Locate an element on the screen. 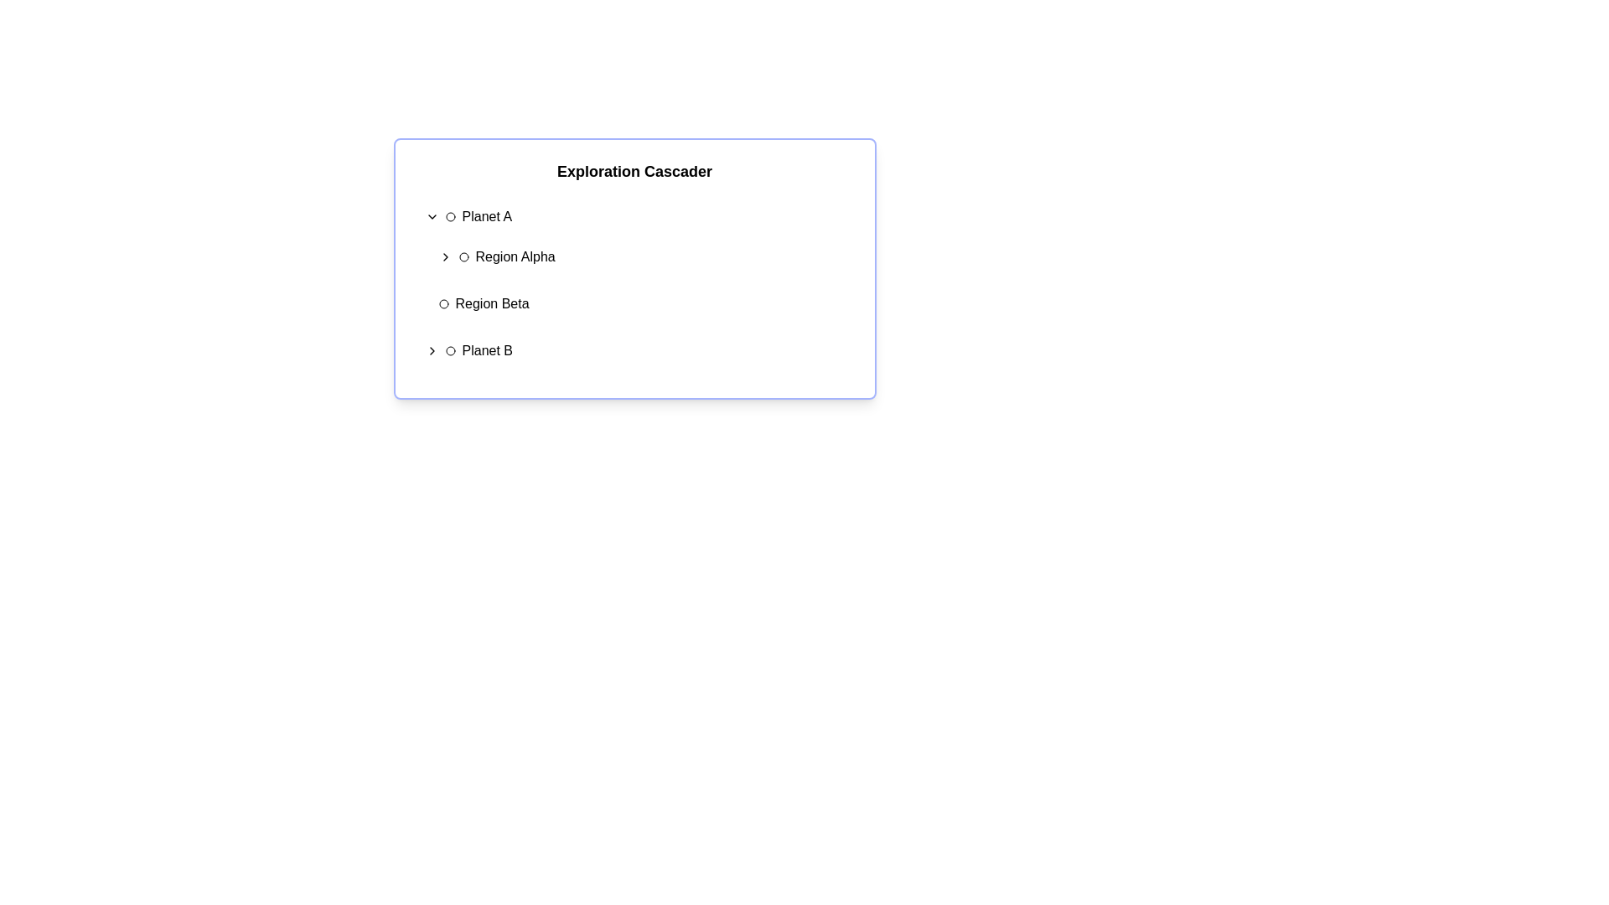  the Chevron Icon located at the leftmost side of the 'Planet A' component is located at coordinates (432, 215).